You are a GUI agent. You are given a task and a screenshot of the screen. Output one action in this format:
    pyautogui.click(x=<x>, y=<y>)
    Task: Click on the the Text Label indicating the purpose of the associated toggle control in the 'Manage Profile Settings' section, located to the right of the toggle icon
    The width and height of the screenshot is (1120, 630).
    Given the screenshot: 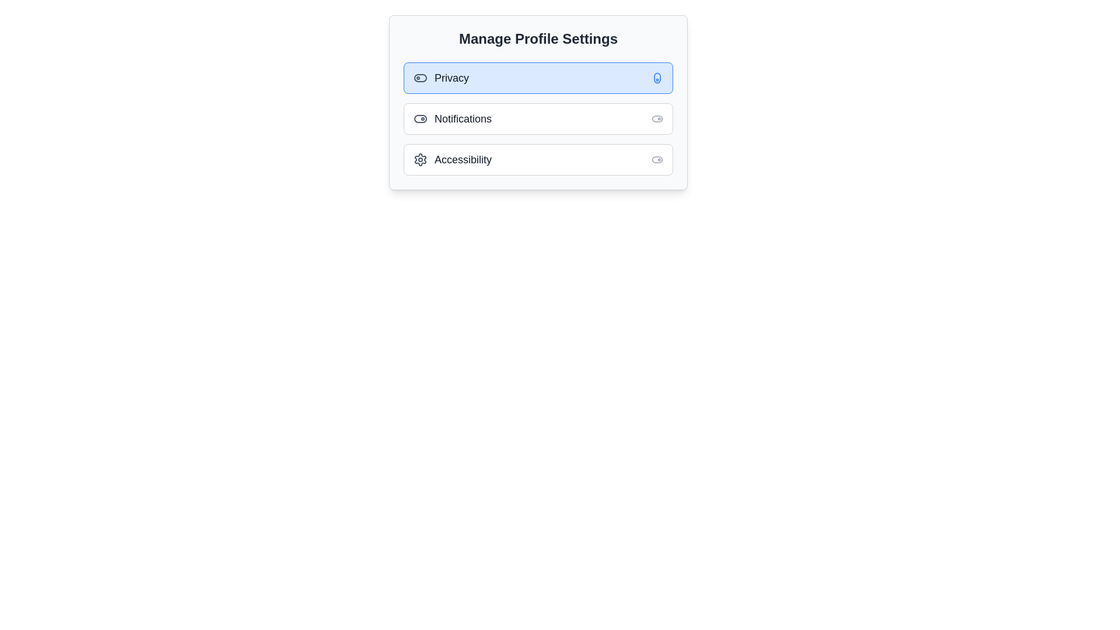 What is the action you would take?
    pyautogui.click(x=451, y=78)
    